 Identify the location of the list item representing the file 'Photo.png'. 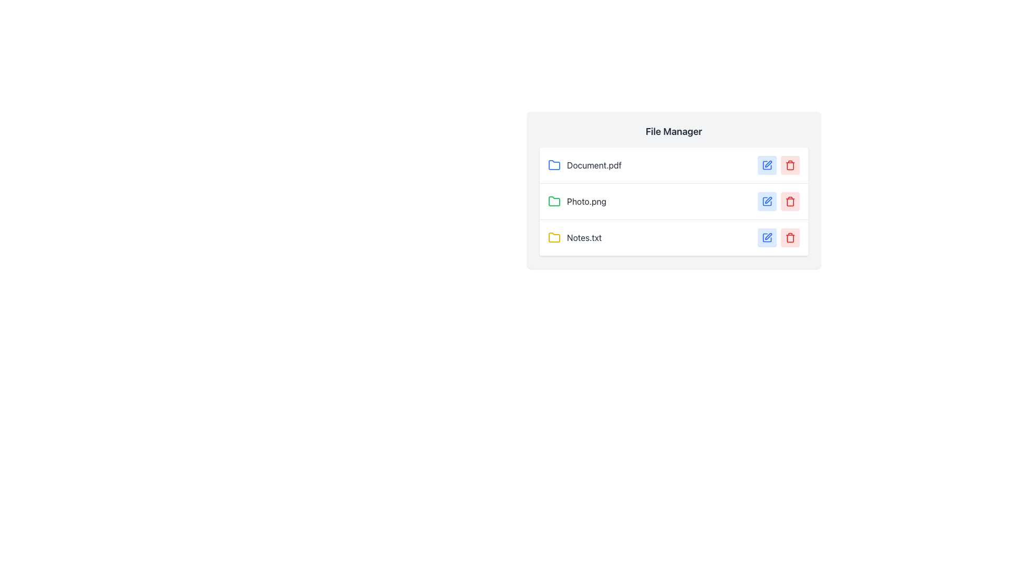
(674, 202).